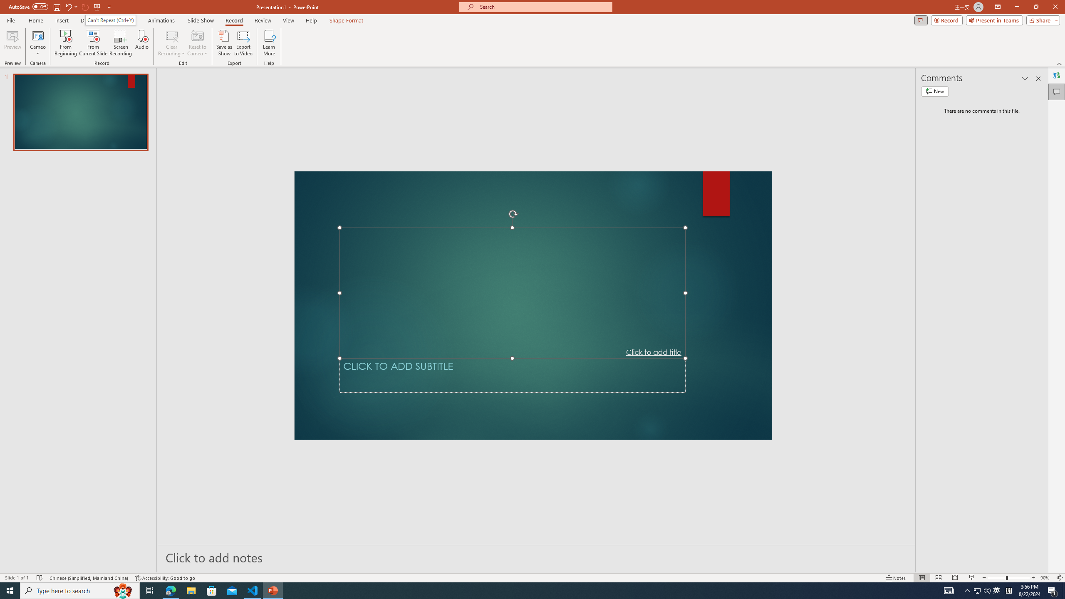 This screenshot has width=1065, height=599. What do you see at coordinates (166, 578) in the screenshot?
I see `'Accessibility Checker Accessibility: Good to go'` at bounding box center [166, 578].